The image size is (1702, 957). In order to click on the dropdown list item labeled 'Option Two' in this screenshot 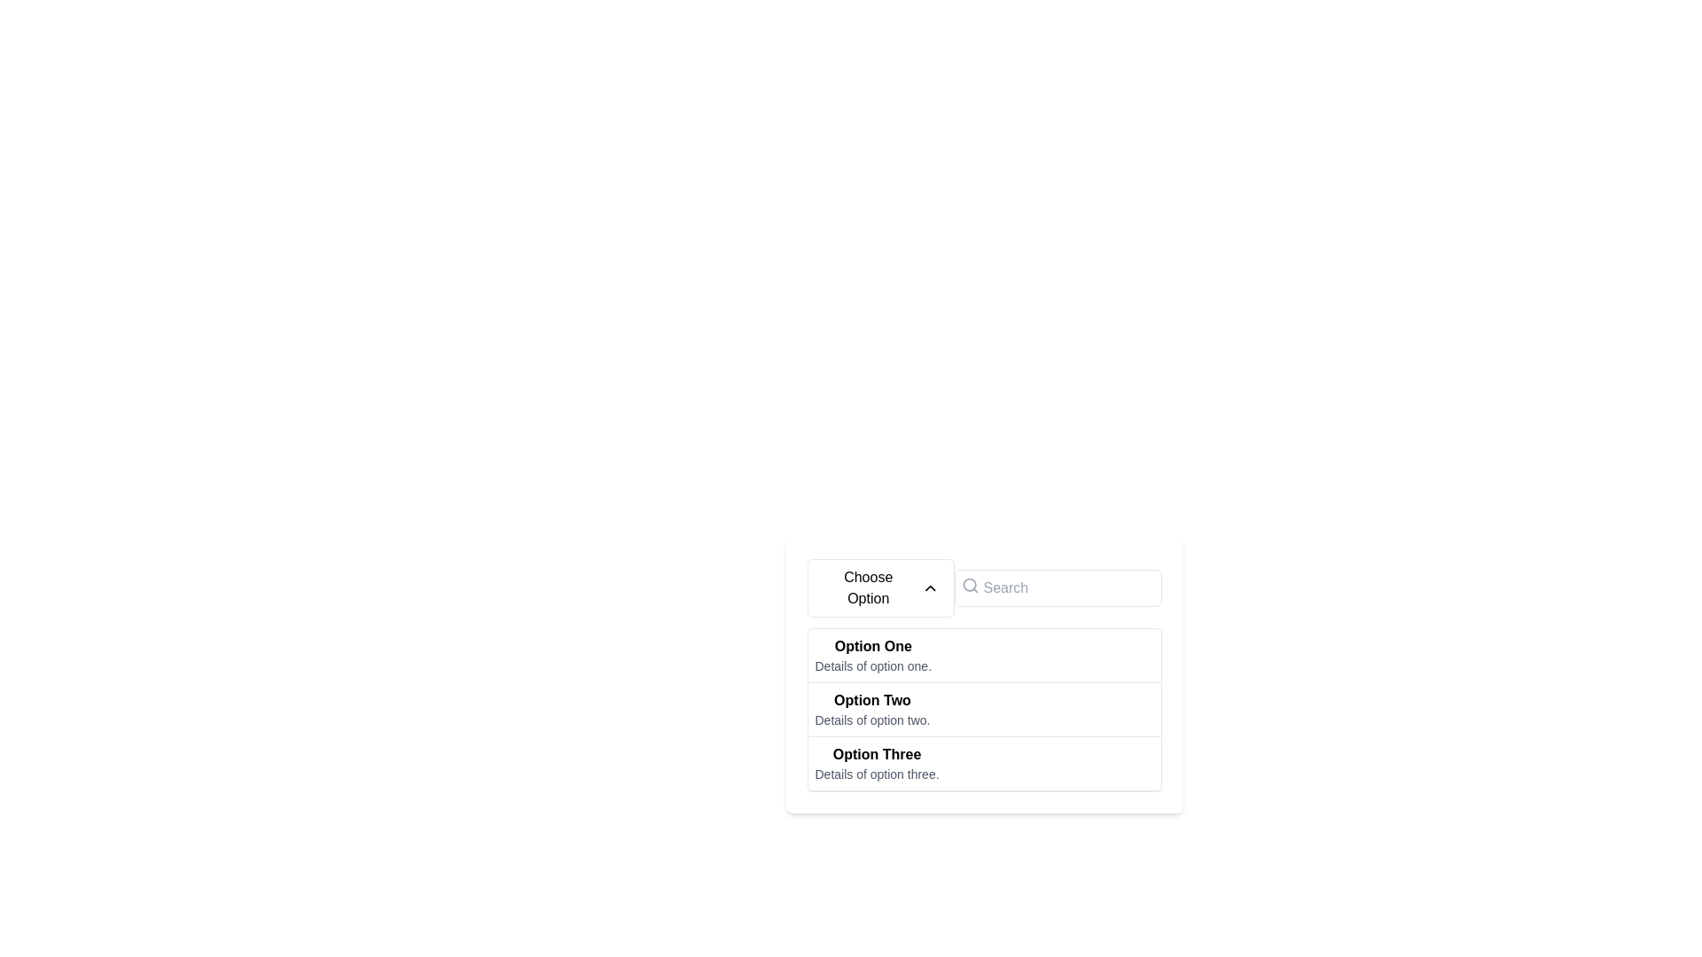, I will do `click(872, 709)`.